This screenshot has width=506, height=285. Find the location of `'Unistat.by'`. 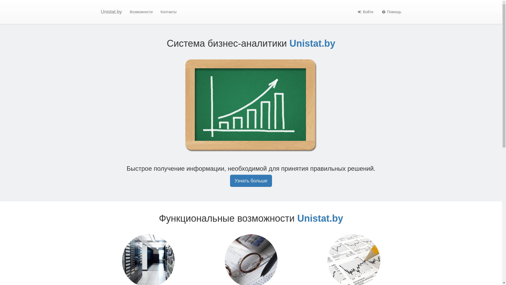

'Unistat.by' is located at coordinates (111, 12).